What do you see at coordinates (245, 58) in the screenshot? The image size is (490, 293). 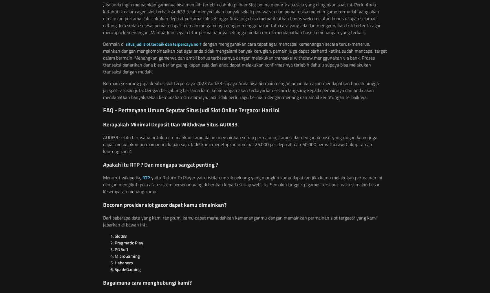 I see `'dengan menggunakan cara tepat agar mencapai kemenangan secara terus-menerus. mainkan dengan mengkombinasikan bet agar anda tidak mengalami banyak kerugian. pemain juga dapat berhenti ketika sudah mencapai target dalam bermain. Menangkan gamenya dan ambil bonus terbesarnya dengan melakukan transaksi withdraw menggunakan via bank. Proses transaksi penarikan dana bisa berlangsung kapan saja dan anda dapat melakukan konfirmasinya terlebih dahulu supaya bisa melakukan transaksi dengan mudah.'` at bounding box center [245, 58].